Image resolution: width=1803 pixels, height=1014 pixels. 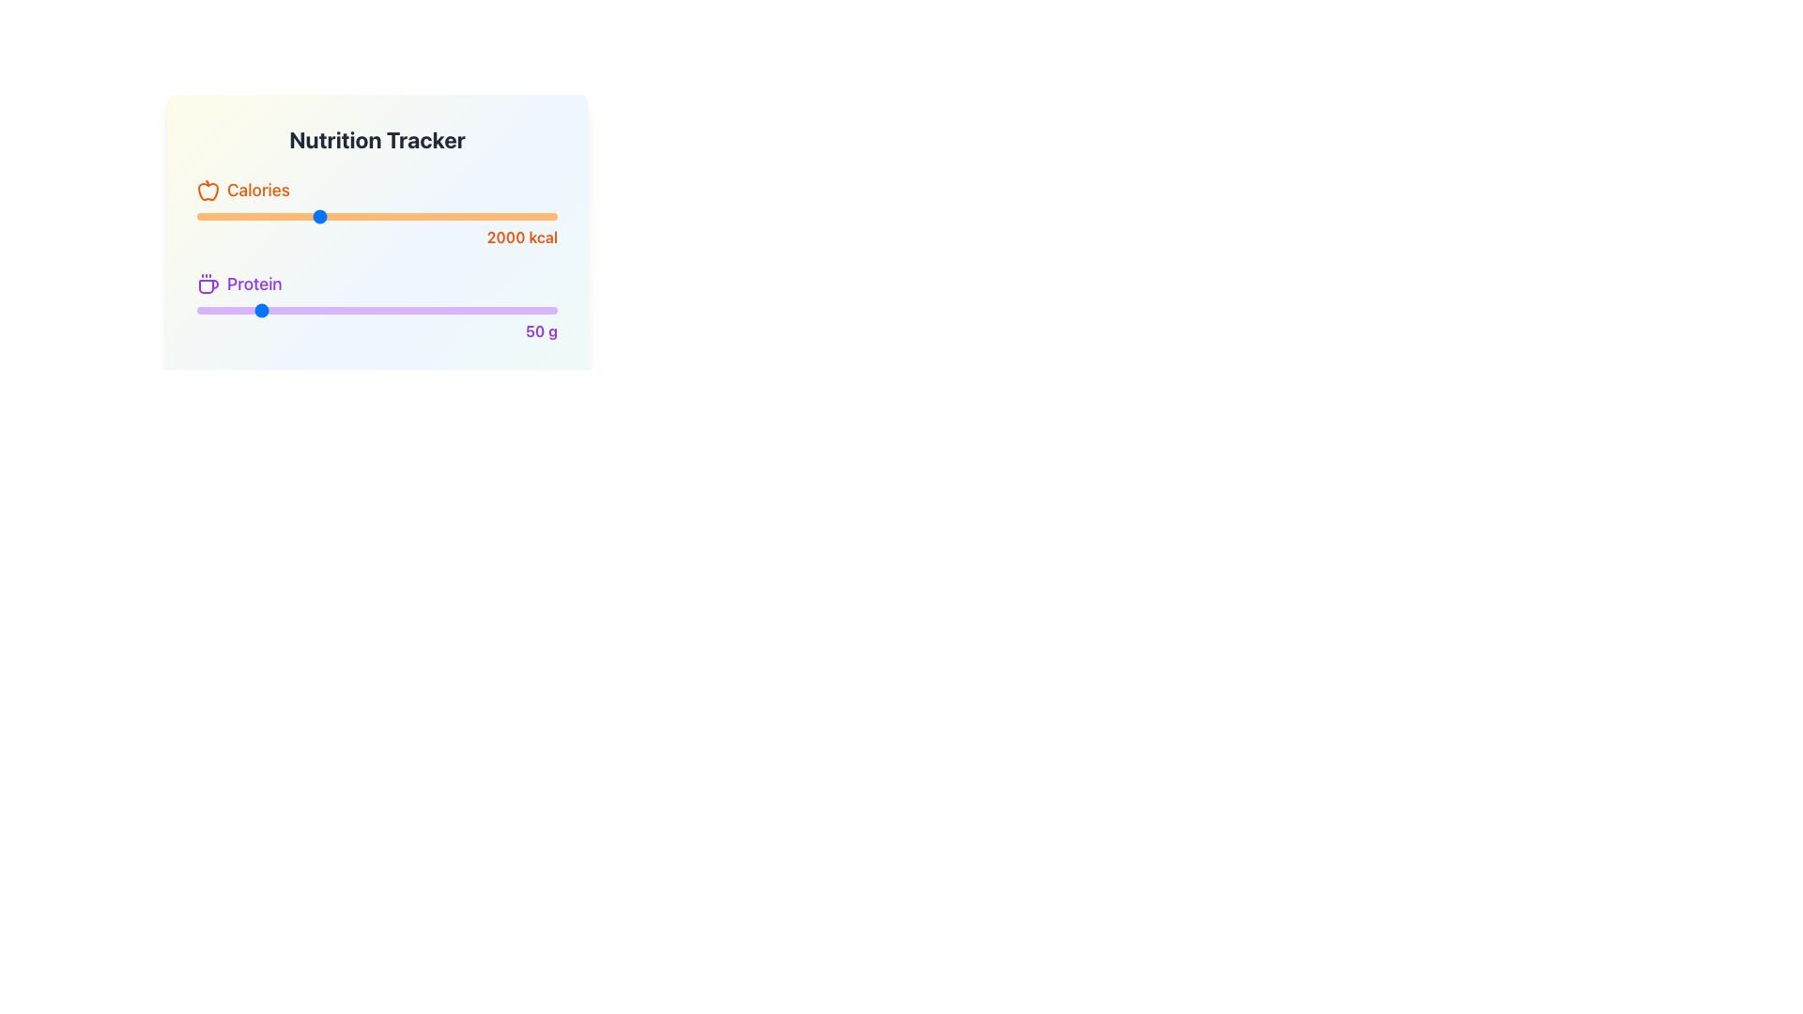 I want to click on the calorie consumption slider, which is positioned below the 'Calories' label and above the text '2000 kcal', so click(x=377, y=216).